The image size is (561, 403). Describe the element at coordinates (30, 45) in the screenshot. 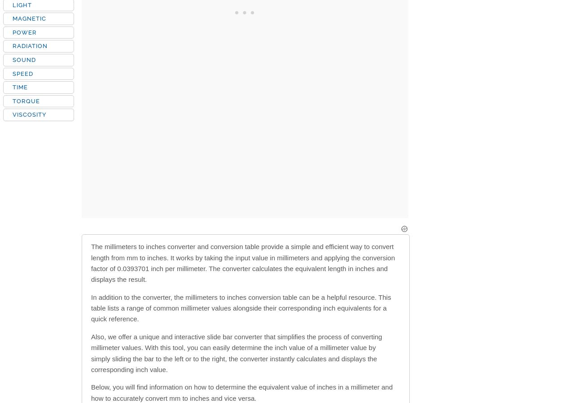

I see `'RADIATION'` at that location.